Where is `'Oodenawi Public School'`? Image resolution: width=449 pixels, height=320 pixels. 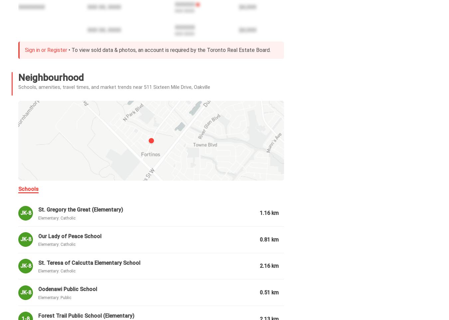 'Oodenawi Public School' is located at coordinates (68, 289).